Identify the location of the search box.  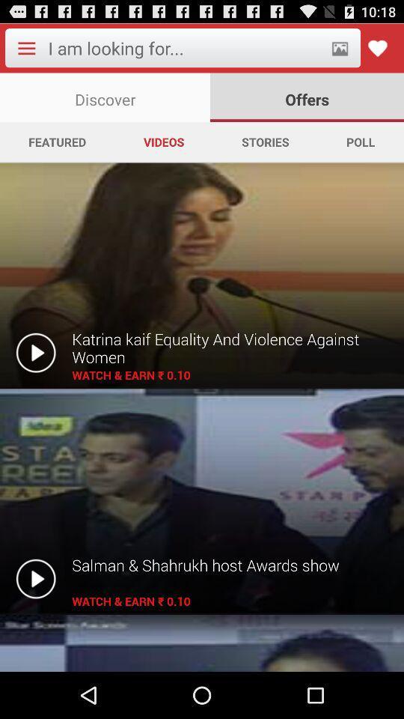
(185, 48).